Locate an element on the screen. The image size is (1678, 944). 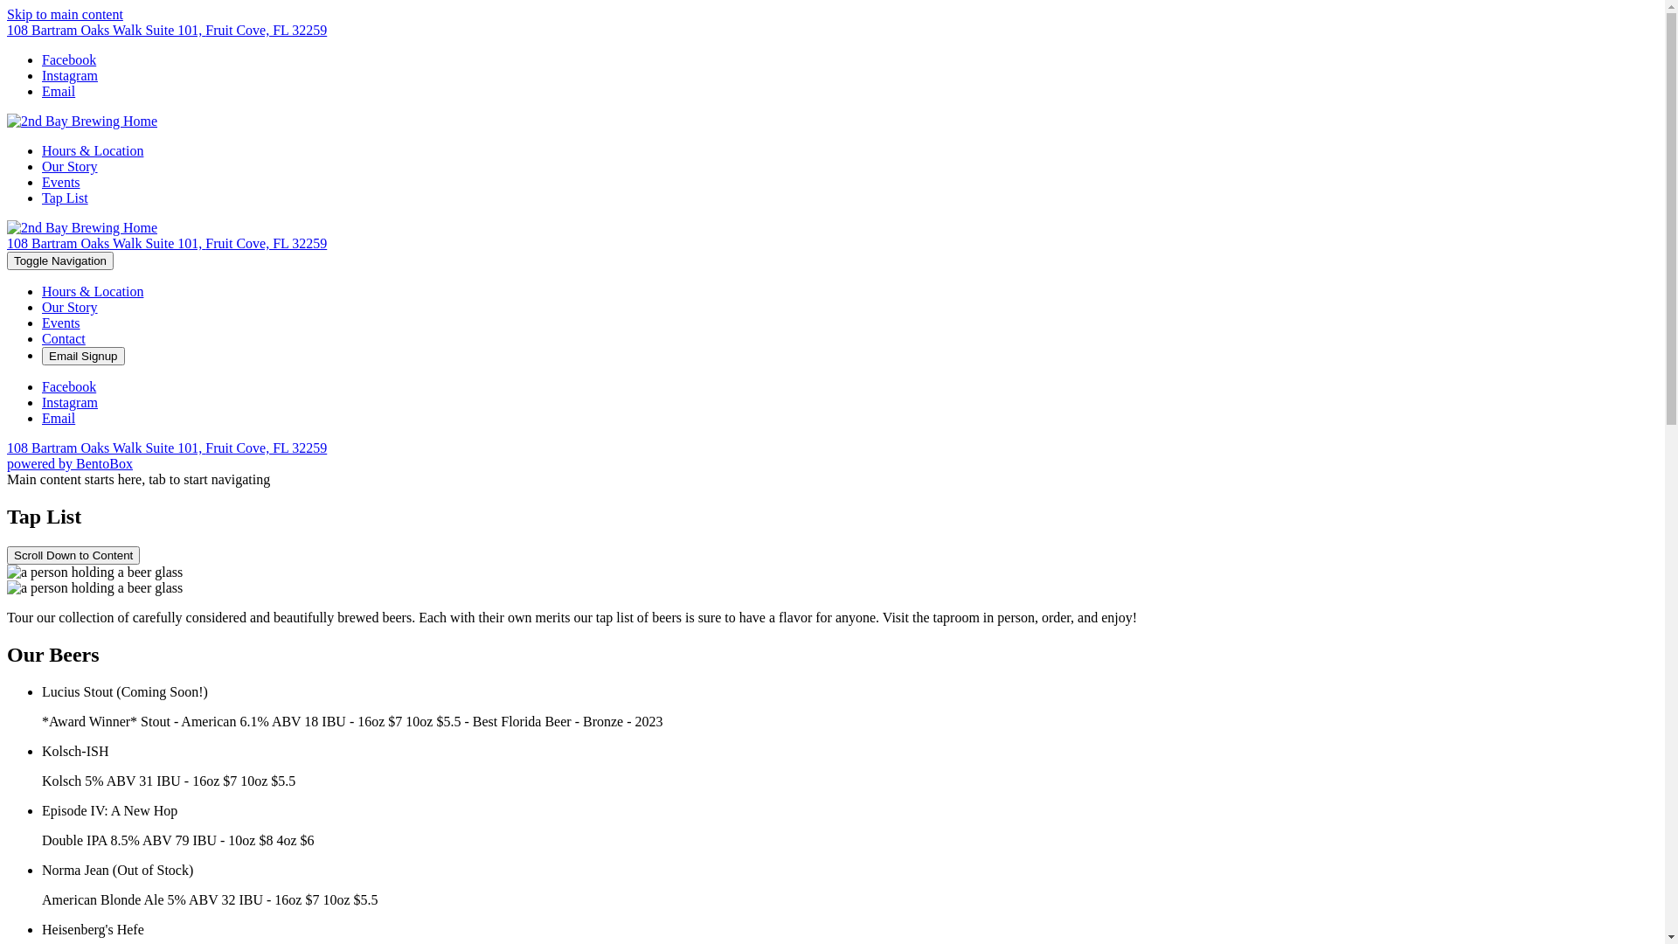
'powered by BentoBox' is located at coordinates (70, 462).